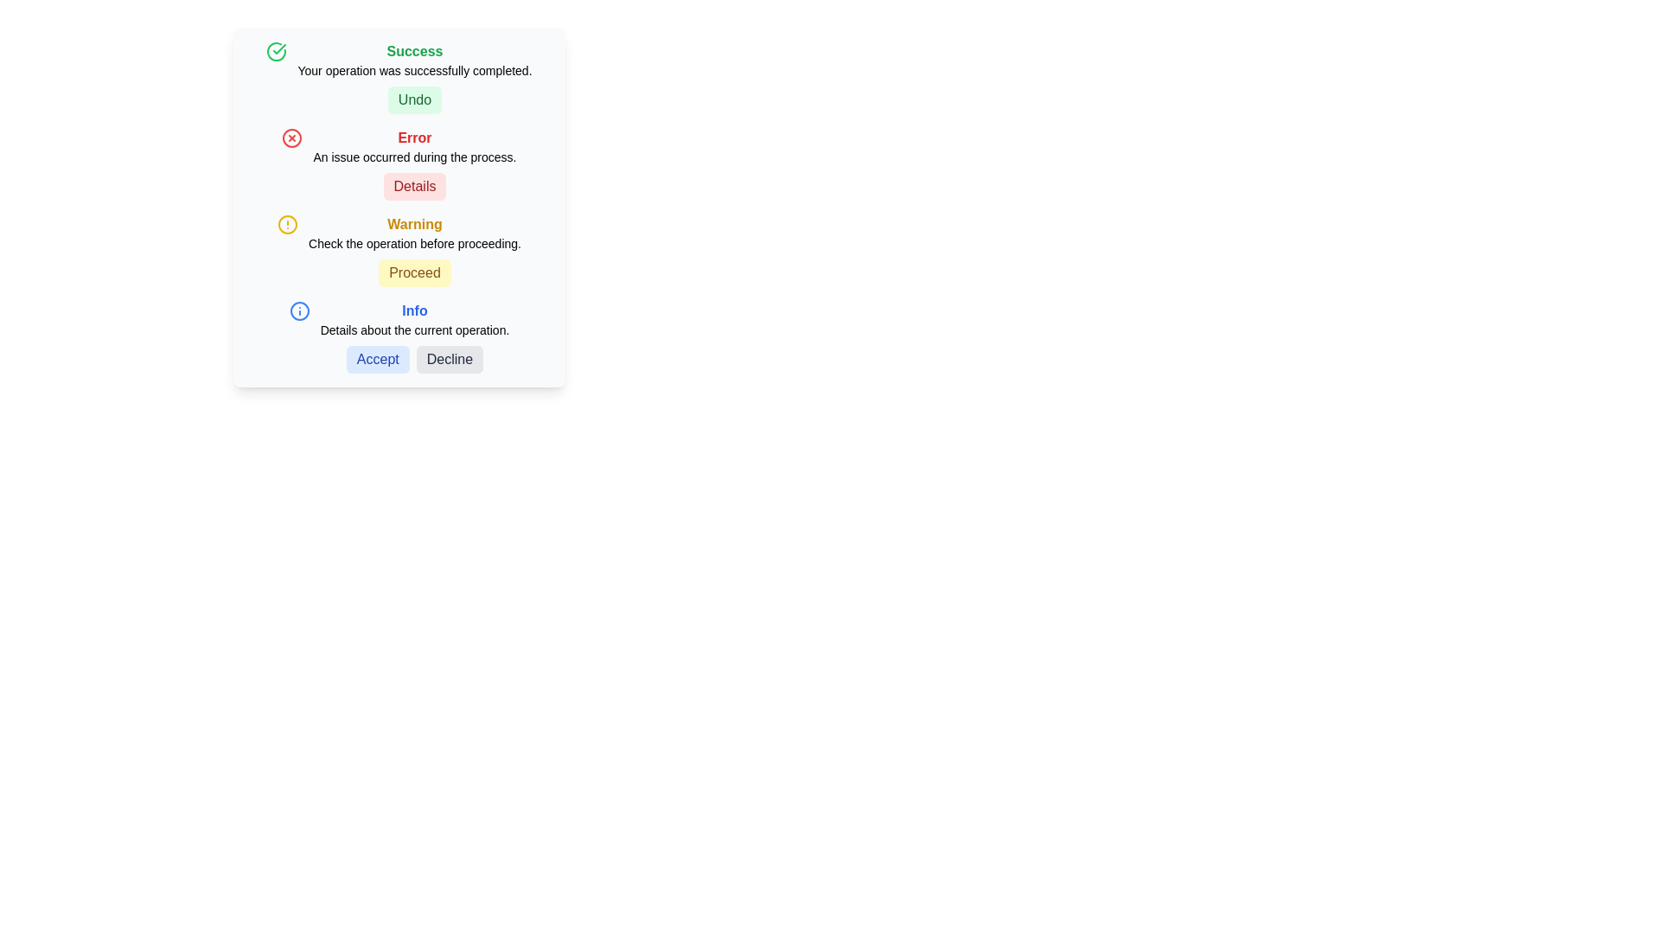 The width and height of the screenshot is (1660, 934). I want to click on the informational icon located to the left of the 'Info' label at the bottom of the message list, so click(299, 310).